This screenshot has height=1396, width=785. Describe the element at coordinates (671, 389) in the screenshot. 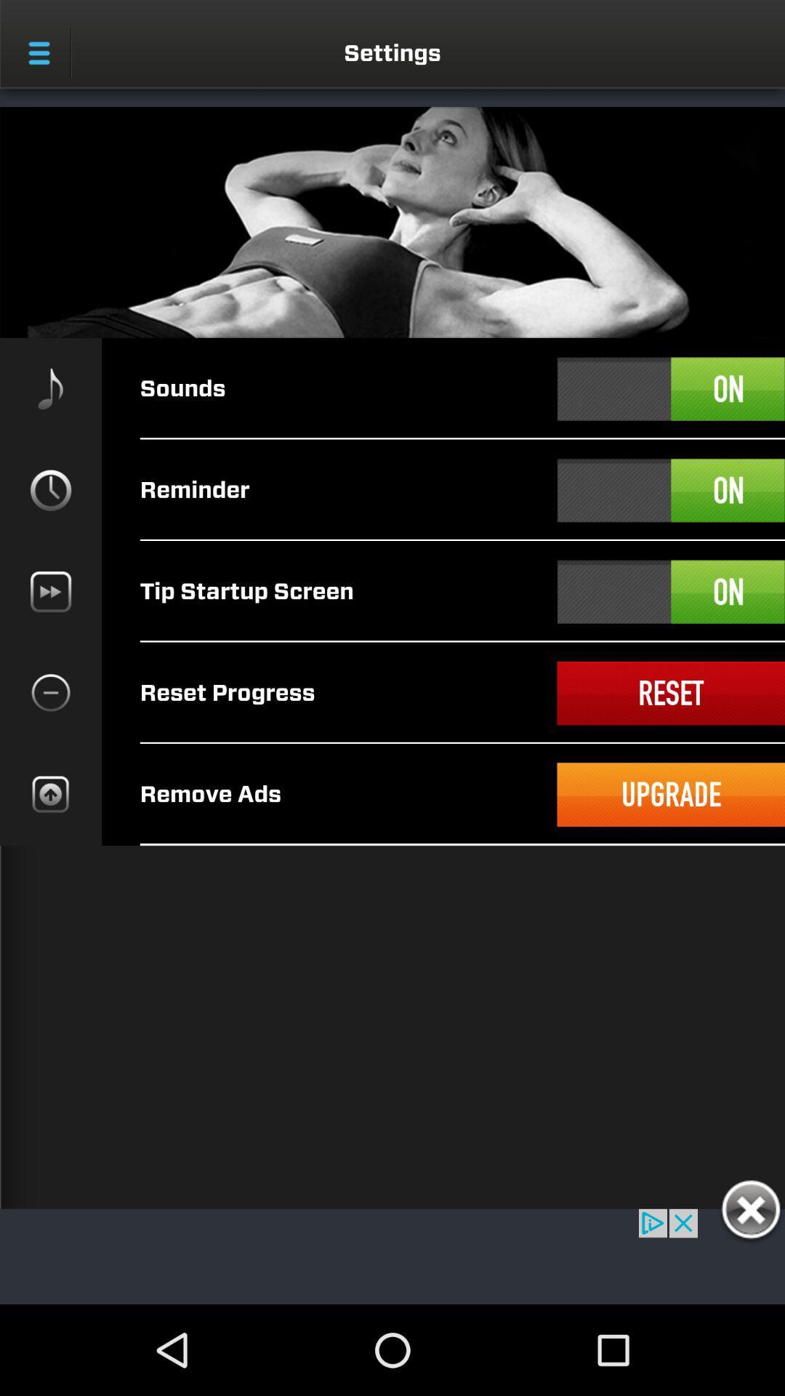

I see `turn sounds on` at that location.